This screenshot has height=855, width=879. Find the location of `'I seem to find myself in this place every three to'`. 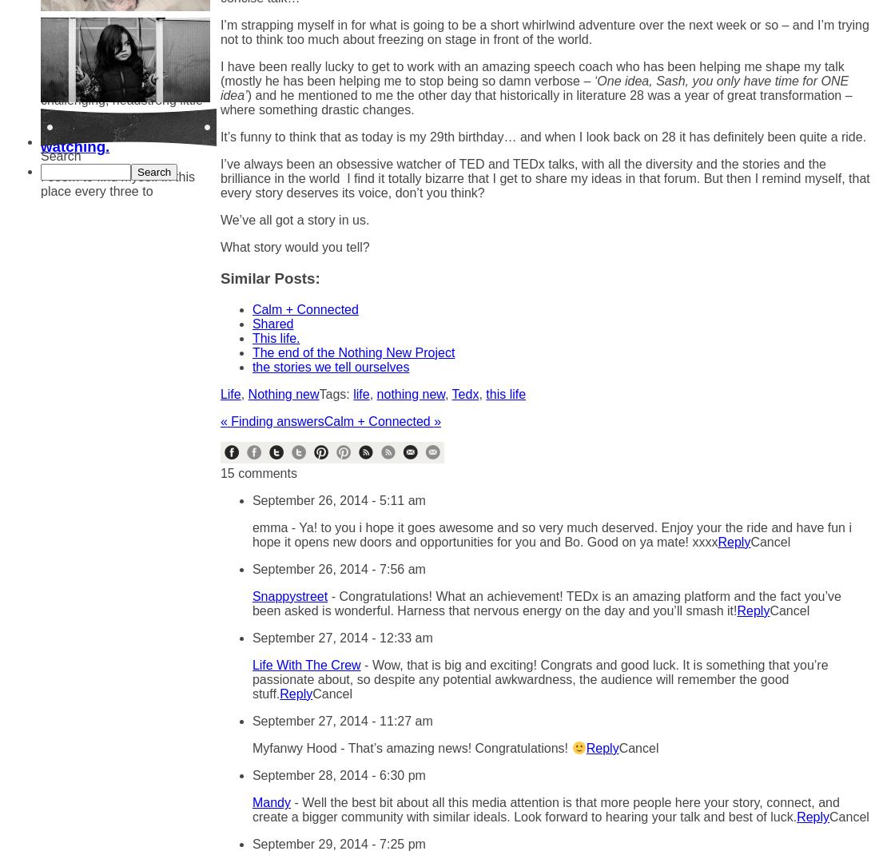

'I seem to find myself in this place every three to' is located at coordinates (116, 183).